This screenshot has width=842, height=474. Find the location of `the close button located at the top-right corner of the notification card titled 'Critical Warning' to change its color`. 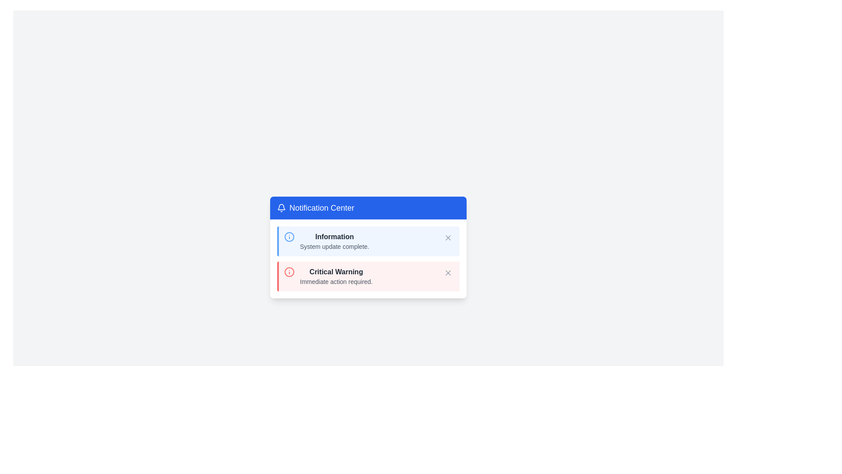

the close button located at the top-right corner of the notification card titled 'Critical Warning' to change its color is located at coordinates (448, 272).